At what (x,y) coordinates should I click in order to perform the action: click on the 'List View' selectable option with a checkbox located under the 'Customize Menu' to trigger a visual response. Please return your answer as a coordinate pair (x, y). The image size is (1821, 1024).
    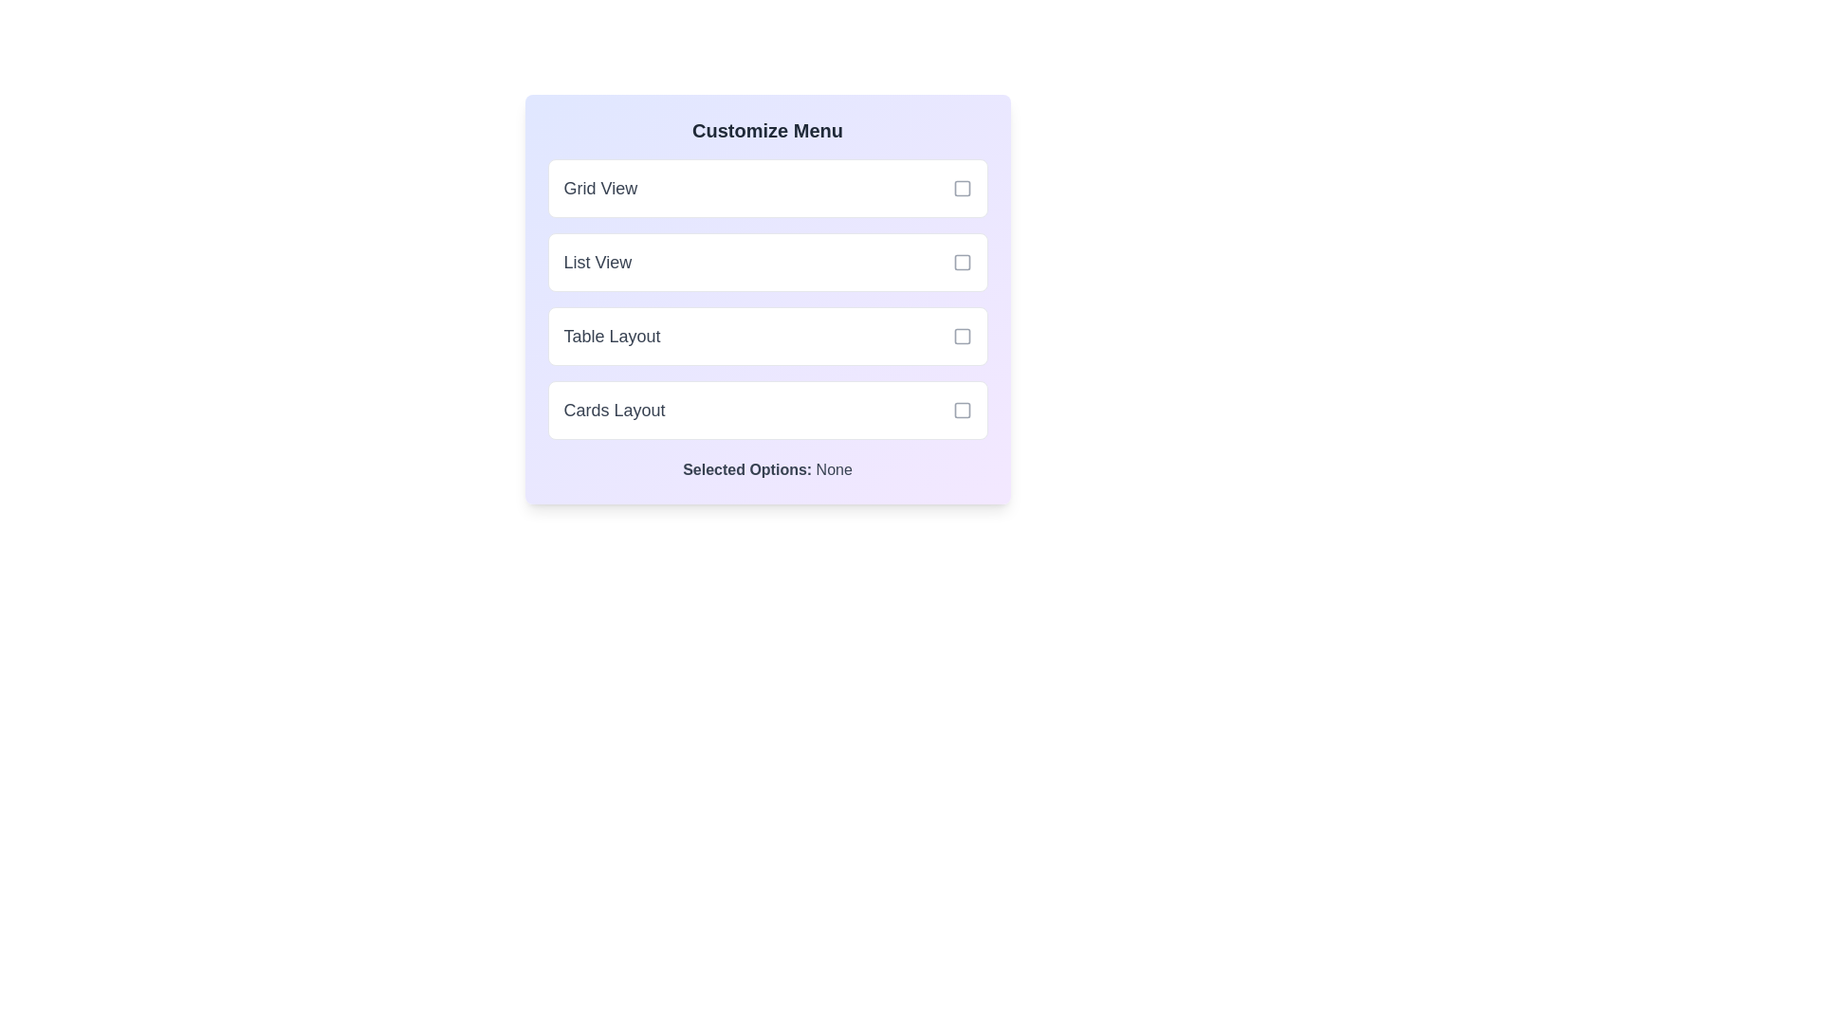
    Looking at the image, I should click on (767, 263).